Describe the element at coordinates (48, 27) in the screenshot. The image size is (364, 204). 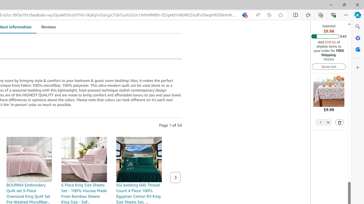
I see `'Reviews'` at that location.